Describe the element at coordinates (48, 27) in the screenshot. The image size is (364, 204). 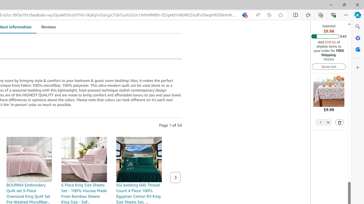
I see `'Reviews'` at that location.